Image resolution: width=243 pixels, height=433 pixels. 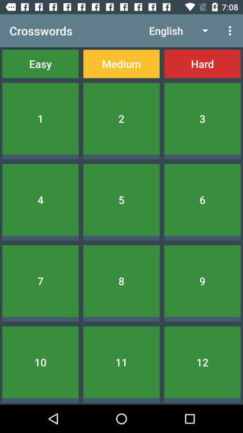 What do you see at coordinates (121, 281) in the screenshot?
I see `the 8 item` at bounding box center [121, 281].